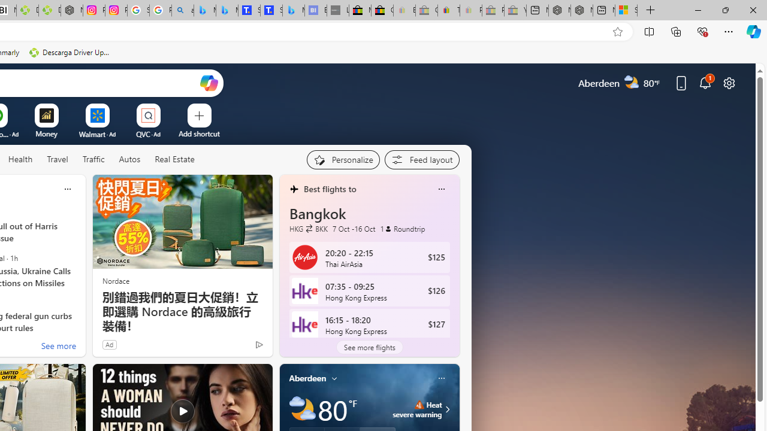 Image resolution: width=767 pixels, height=431 pixels. Describe the element at coordinates (446, 409) in the screenshot. I see `'Class: weather-arrow-glyph'` at that location.